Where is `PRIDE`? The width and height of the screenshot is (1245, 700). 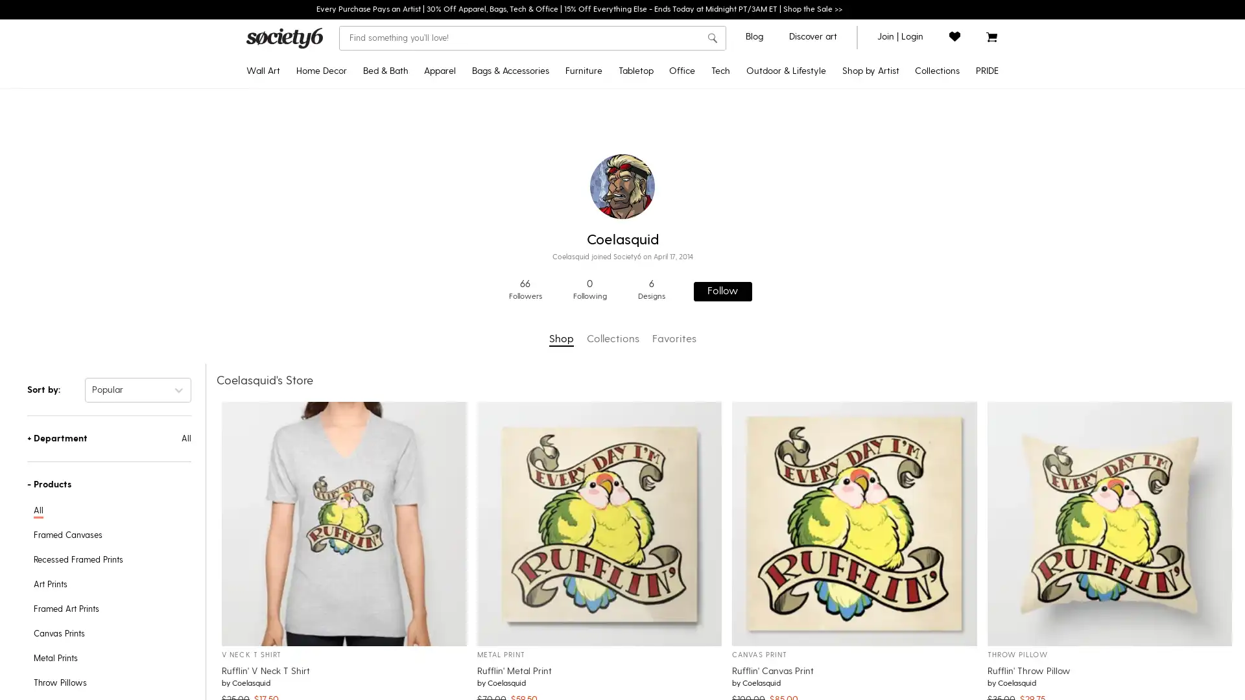 PRIDE is located at coordinates (986, 71).